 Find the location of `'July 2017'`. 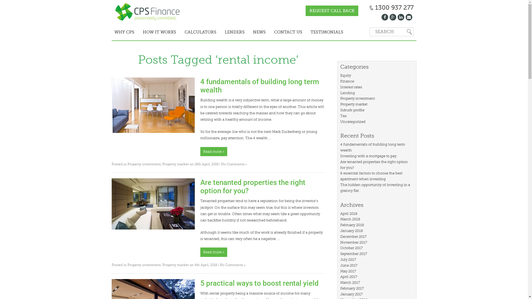

'July 2017' is located at coordinates (348, 259).